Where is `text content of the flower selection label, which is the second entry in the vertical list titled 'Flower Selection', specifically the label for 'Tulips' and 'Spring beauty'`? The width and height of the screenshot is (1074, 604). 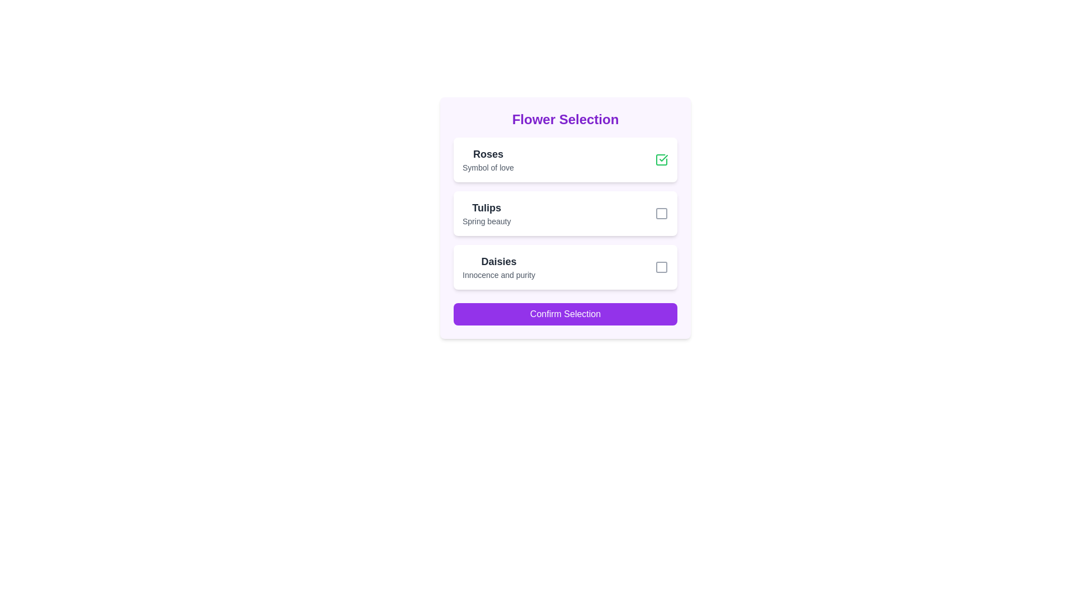
text content of the flower selection label, which is the second entry in the vertical list titled 'Flower Selection', specifically the label for 'Tulips' and 'Spring beauty' is located at coordinates (487, 213).